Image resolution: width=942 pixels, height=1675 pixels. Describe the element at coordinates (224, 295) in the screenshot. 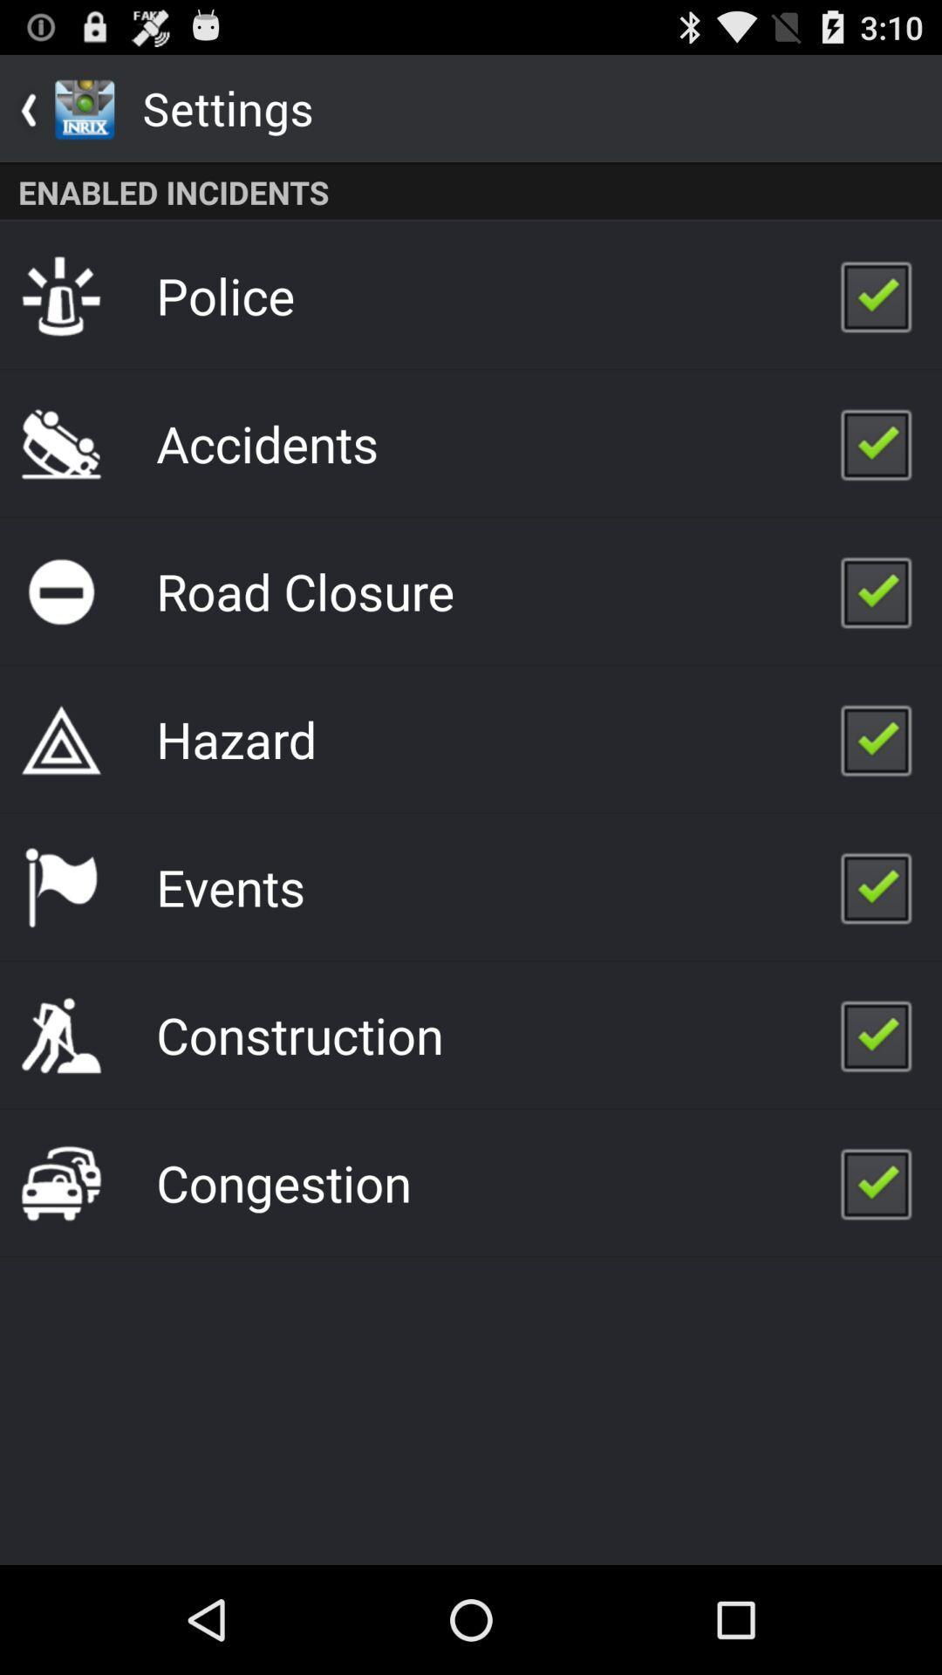

I see `police icon` at that location.